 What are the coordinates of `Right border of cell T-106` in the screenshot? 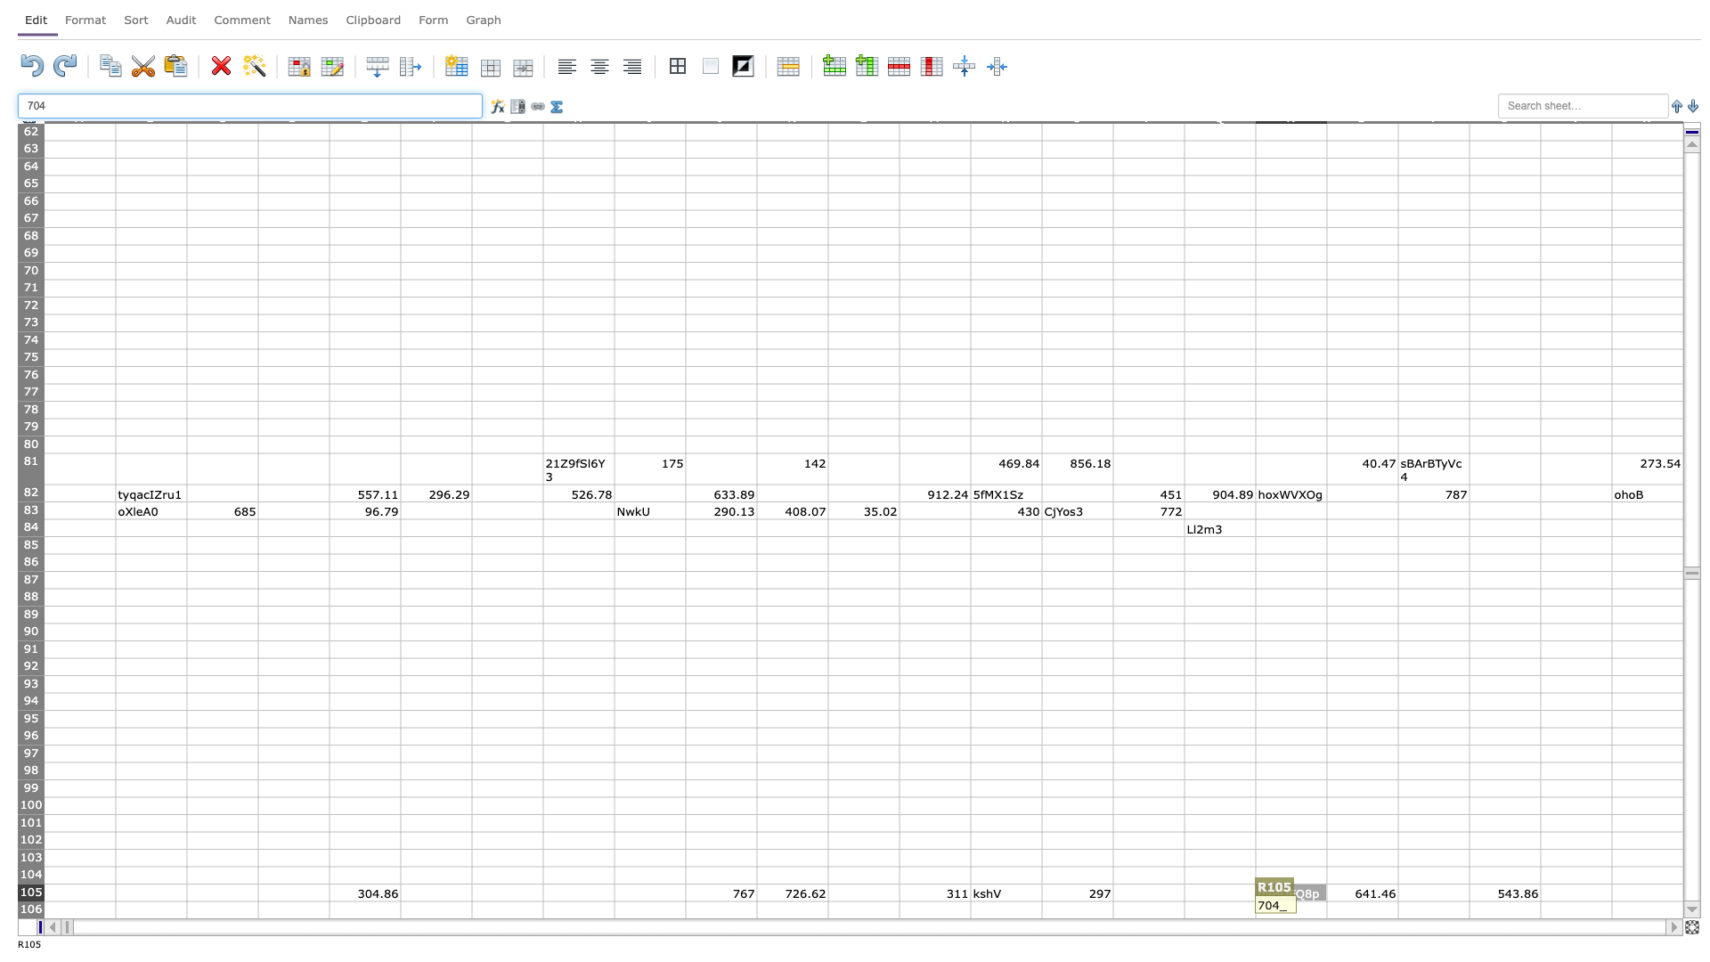 It's located at (1470, 909).